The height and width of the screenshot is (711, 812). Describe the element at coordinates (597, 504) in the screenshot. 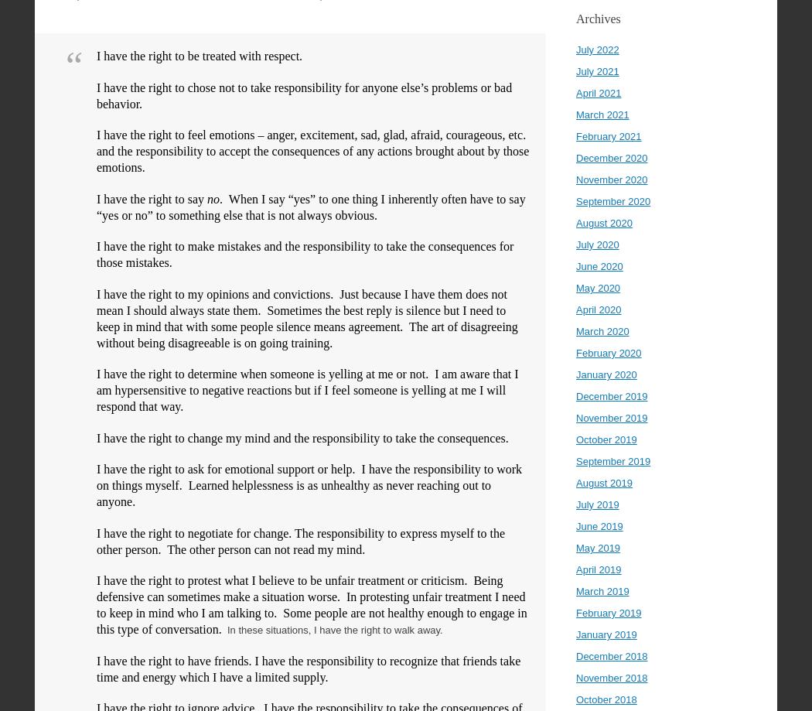

I see `'July 2019'` at that location.